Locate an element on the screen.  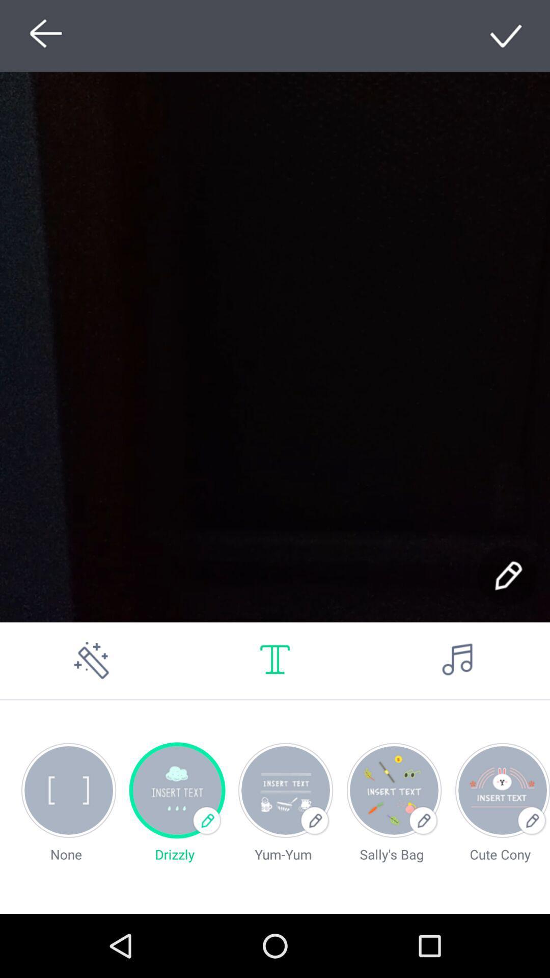
filter option is located at coordinates (92, 660).